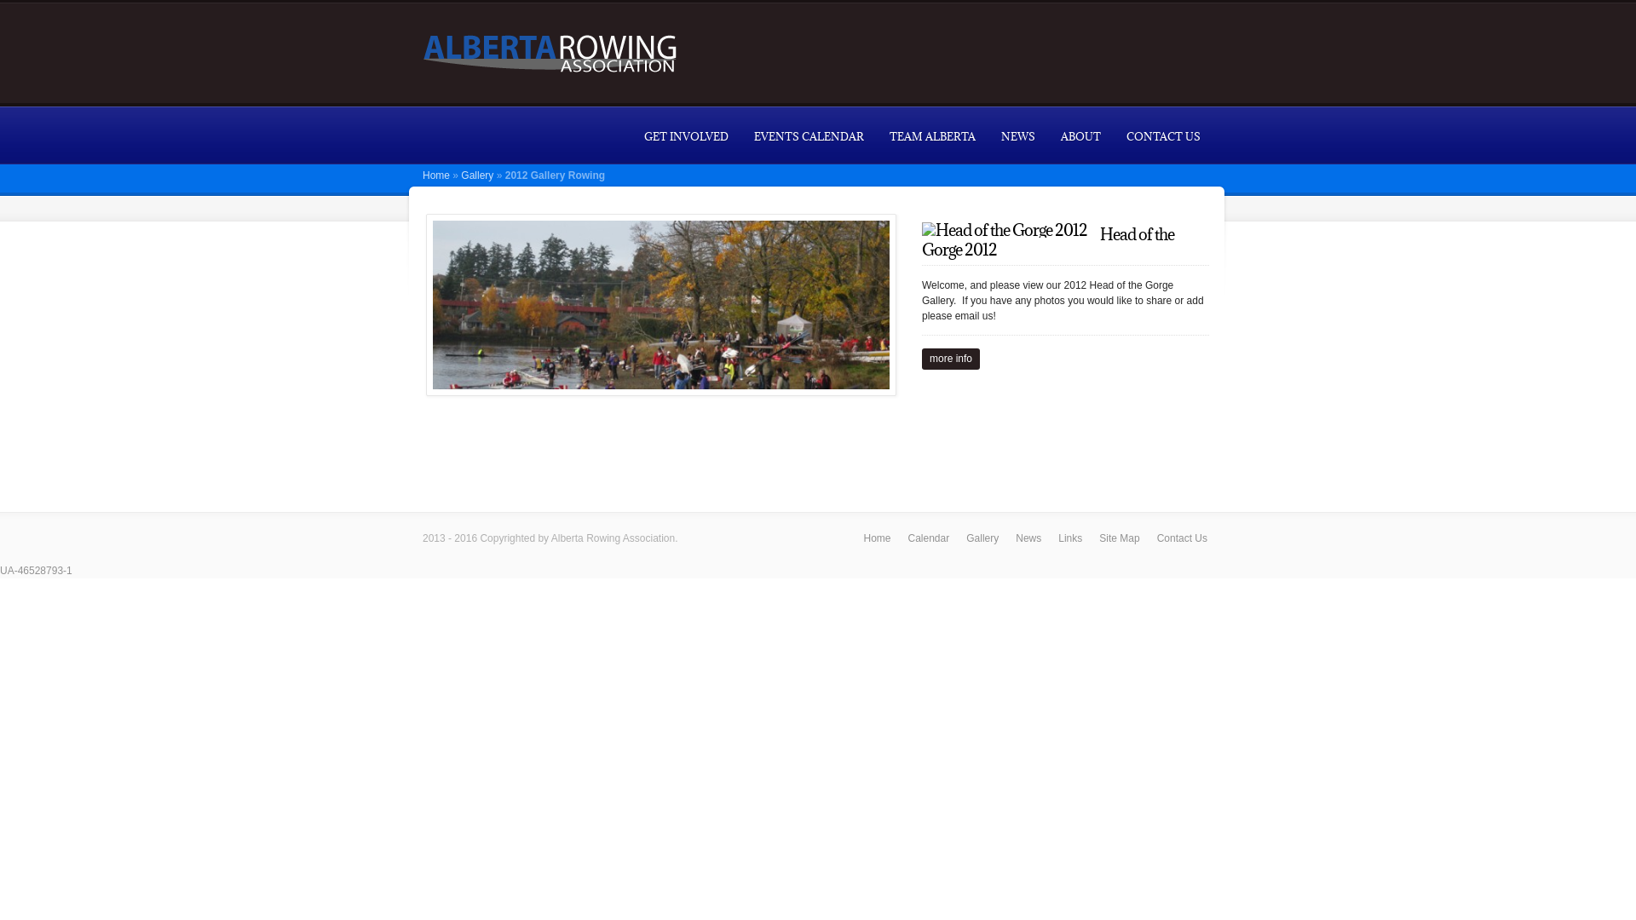  Describe the element at coordinates (931, 135) in the screenshot. I see `'TEAM ALBERTA'` at that location.